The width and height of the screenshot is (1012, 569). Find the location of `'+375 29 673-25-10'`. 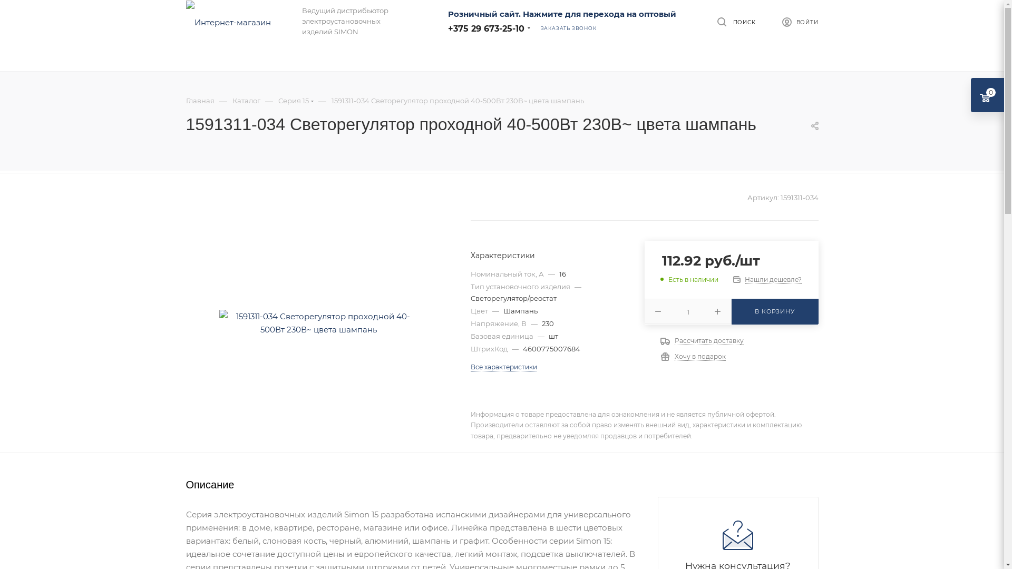

'+375 29 673-25-10' is located at coordinates (447, 27).